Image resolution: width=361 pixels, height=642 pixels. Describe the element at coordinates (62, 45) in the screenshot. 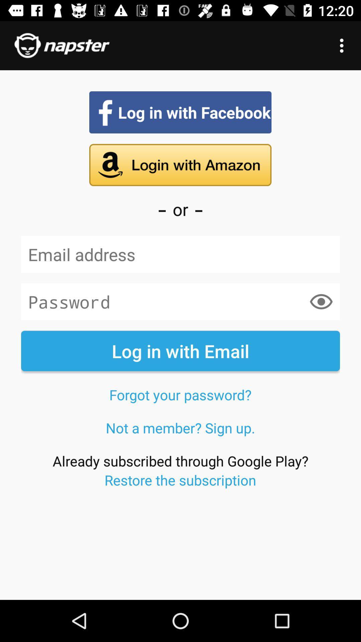

I see `the title of the page at top left corner` at that location.